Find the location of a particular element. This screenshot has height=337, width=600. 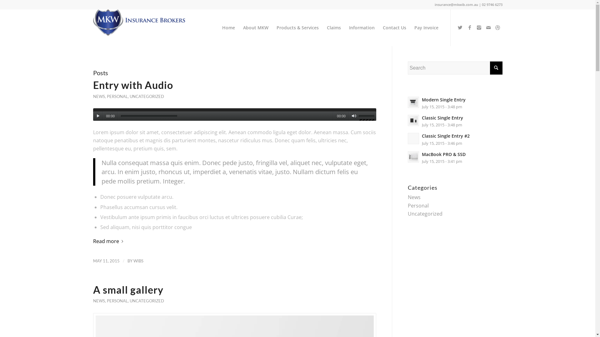

'Pay Invoice' is located at coordinates (426, 27).